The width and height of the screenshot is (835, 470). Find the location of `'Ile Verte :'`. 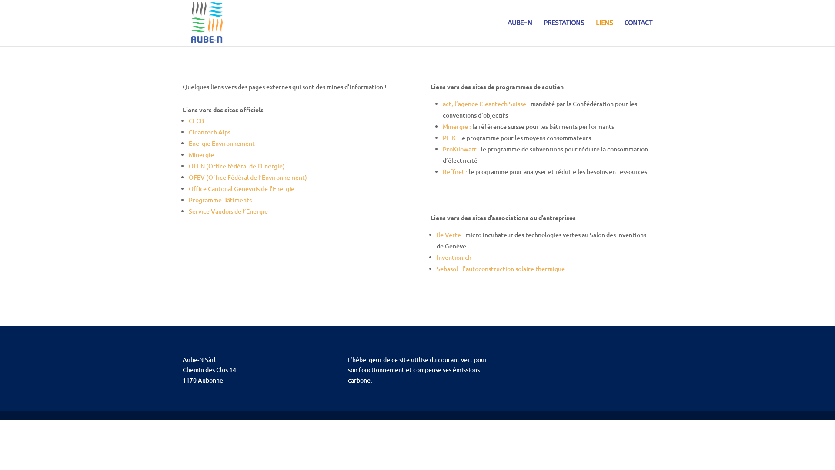

'Ile Verte :' is located at coordinates (436, 234).